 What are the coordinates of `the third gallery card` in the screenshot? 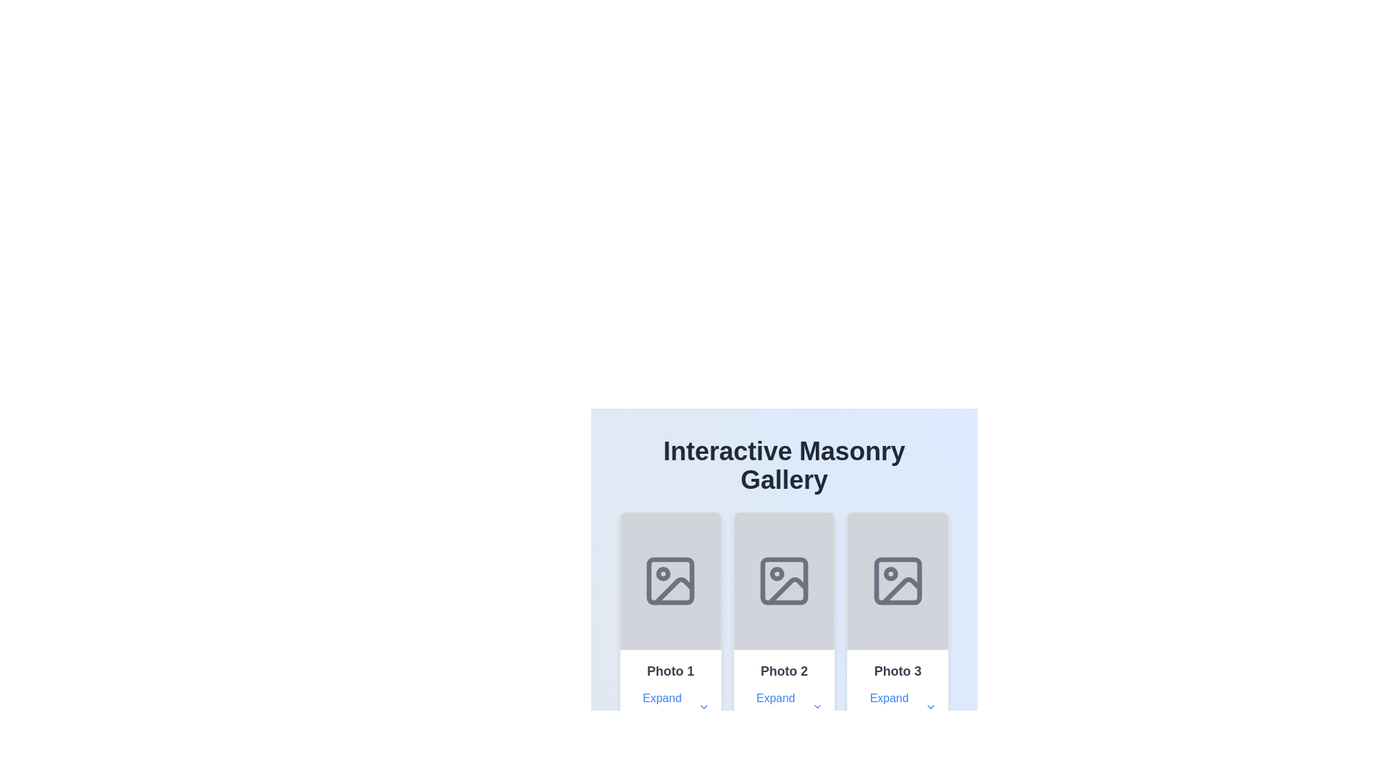 It's located at (897, 623).